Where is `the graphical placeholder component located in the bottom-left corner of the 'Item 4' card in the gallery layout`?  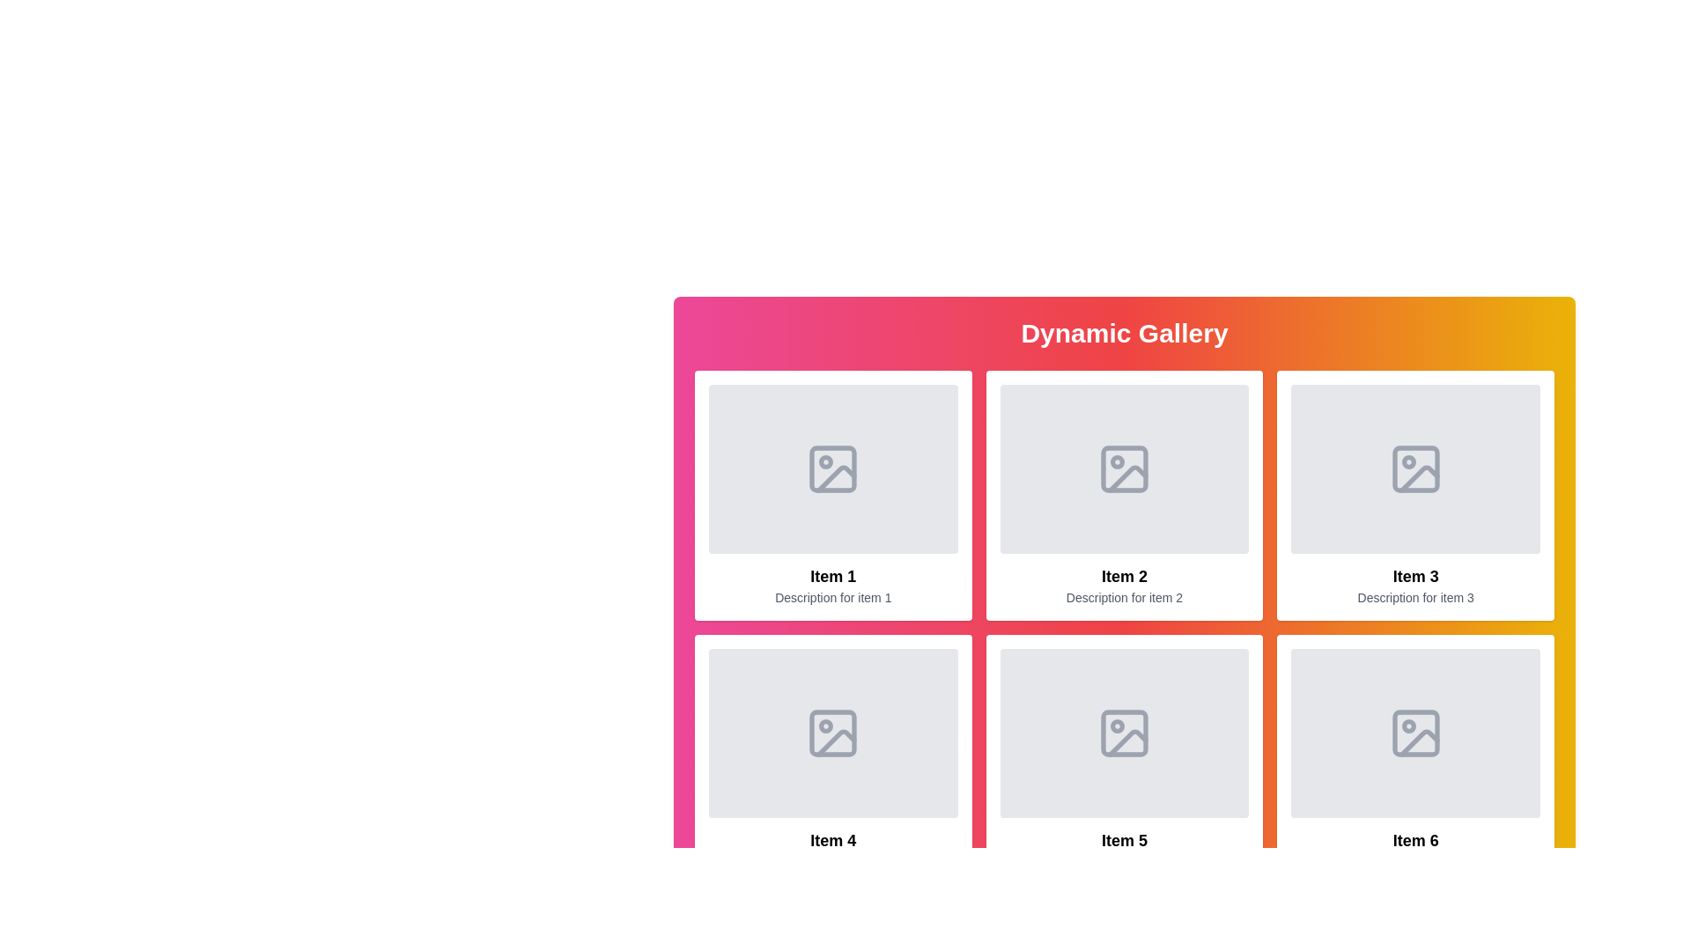
the graphical placeholder component located in the bottom-left corner of the 'Item 4' card in the gallery layout is located at coordinates (832, 734).